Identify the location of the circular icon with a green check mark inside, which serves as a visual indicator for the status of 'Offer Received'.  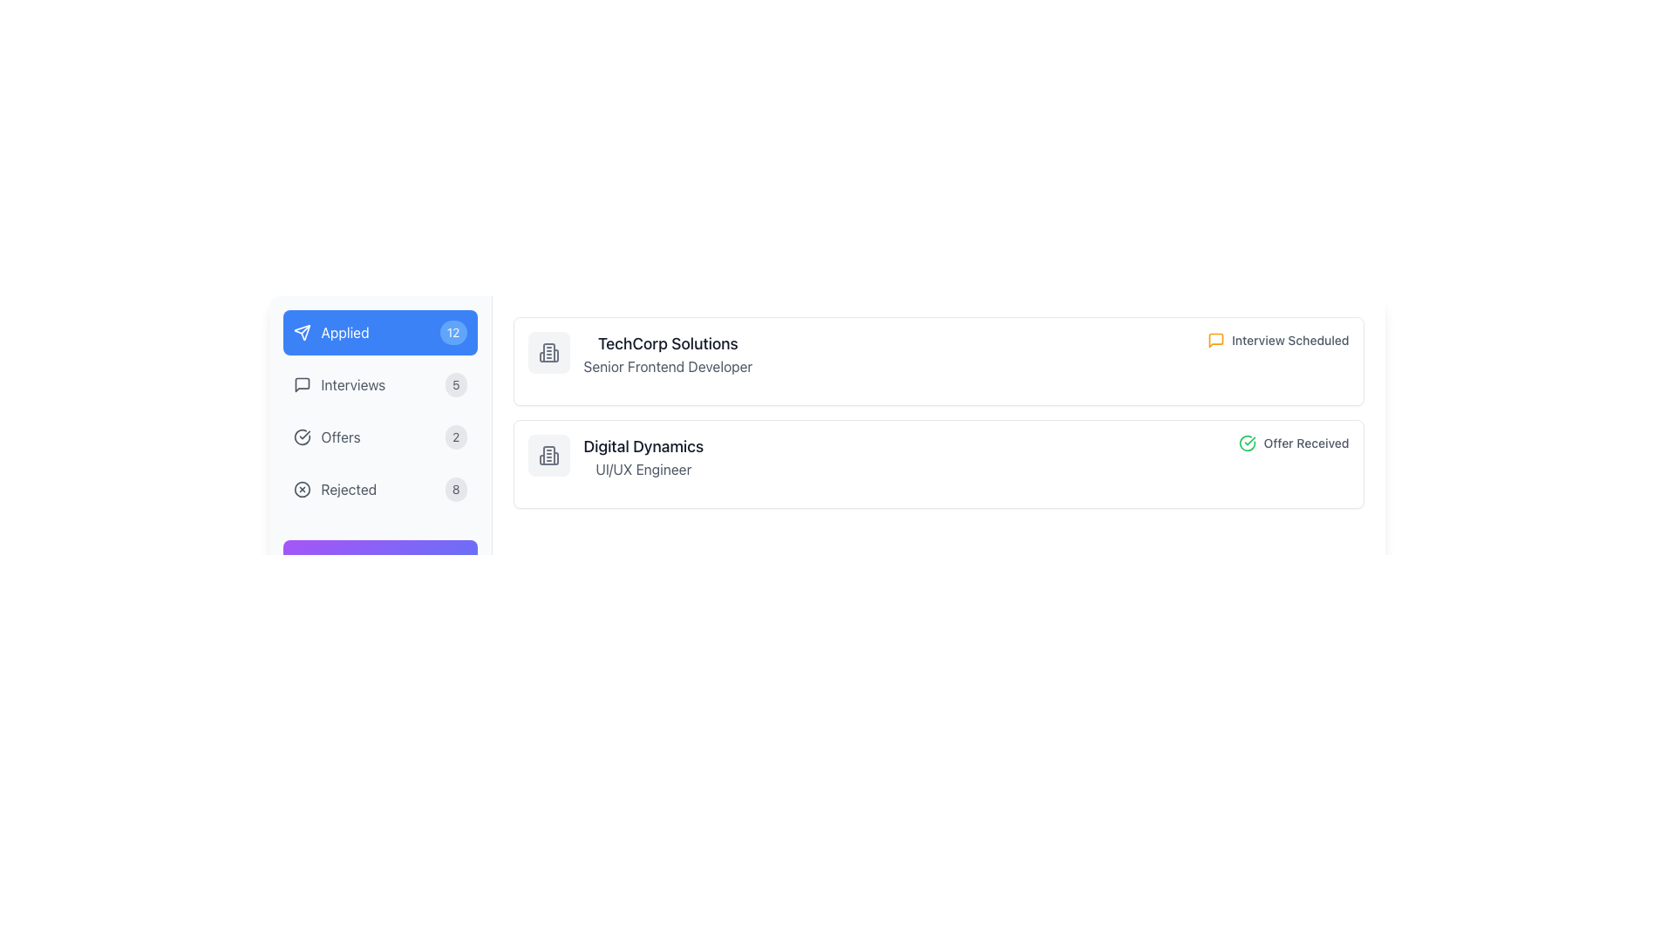
(1247, 443).